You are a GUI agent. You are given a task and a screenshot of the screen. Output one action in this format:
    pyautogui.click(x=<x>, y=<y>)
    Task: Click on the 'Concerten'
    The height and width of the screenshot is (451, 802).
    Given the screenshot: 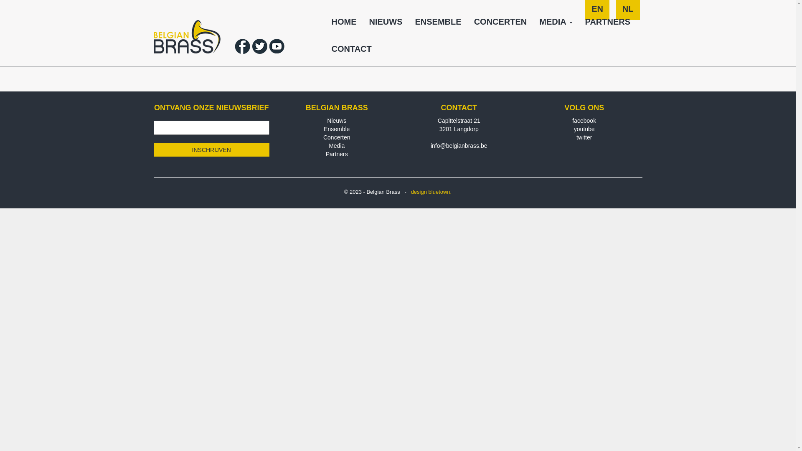 What is the action you would take?
    pyautogui.click(x=337, y=137)
    